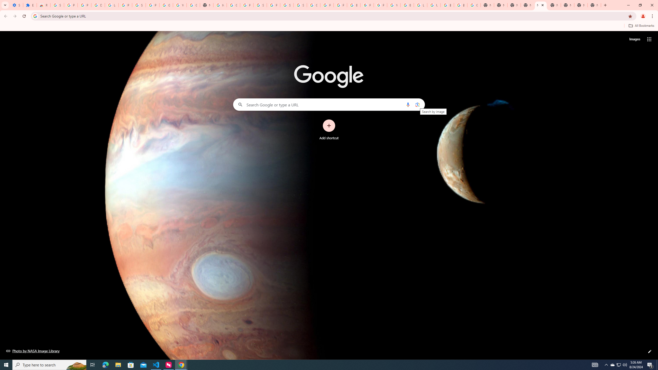 This screenshot has height=370, width=658. What do you see at coordinates (30, 5) in the screenshot?
I see `'Extensions'` at bounding box center [30, 5].